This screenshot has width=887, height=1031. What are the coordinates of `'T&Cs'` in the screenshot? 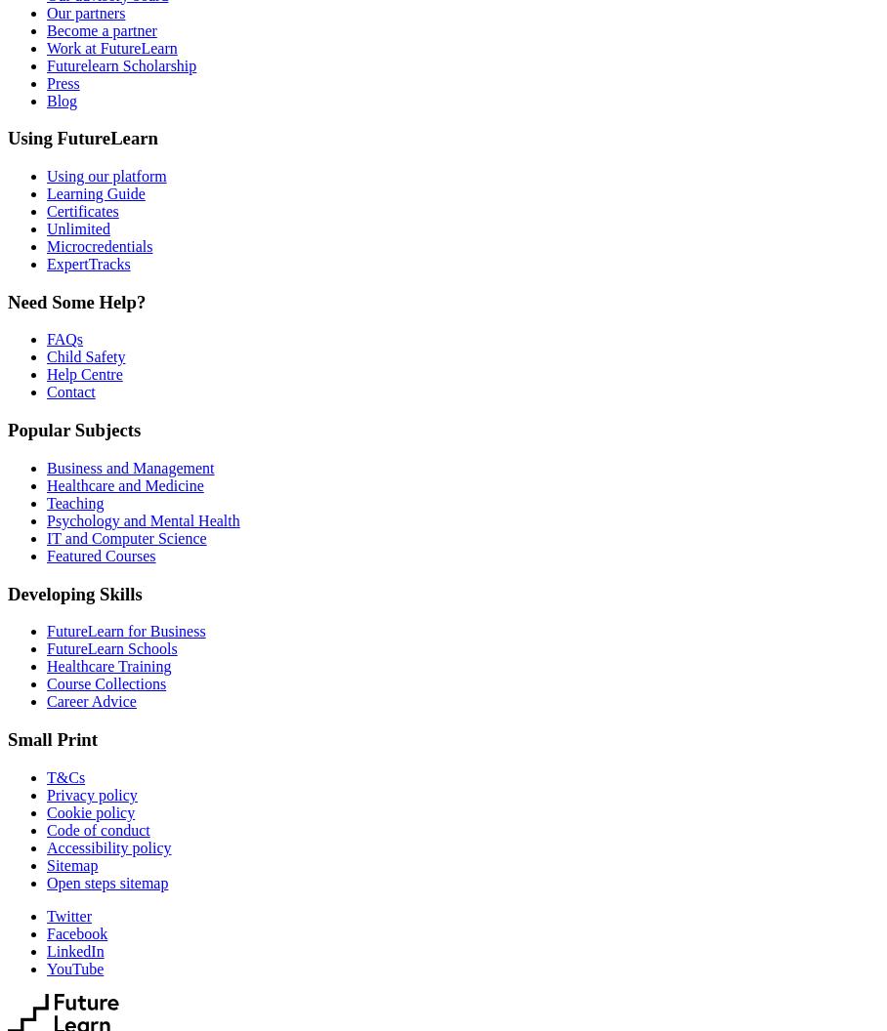 It's located at (65, 776).